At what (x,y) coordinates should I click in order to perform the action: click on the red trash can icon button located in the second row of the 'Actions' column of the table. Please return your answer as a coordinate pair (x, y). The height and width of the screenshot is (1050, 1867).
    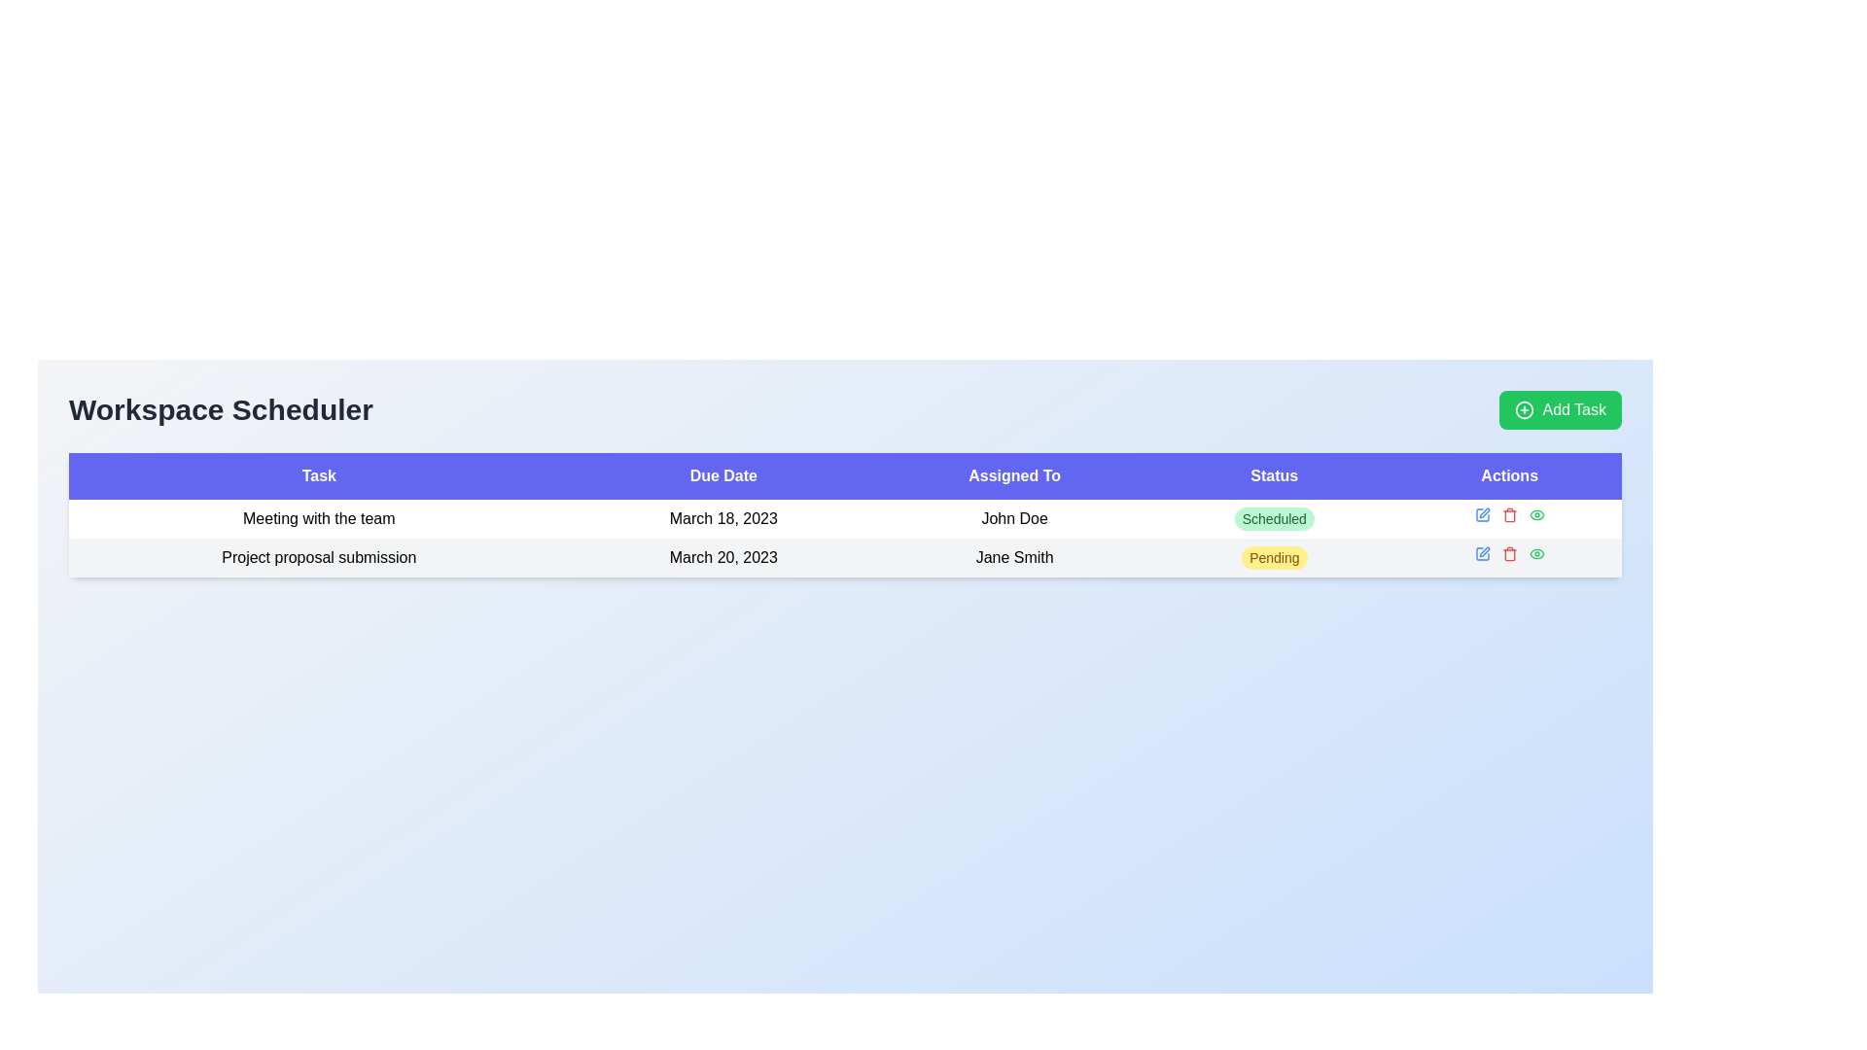
    Looking at the image, I should click on (1508, 554).